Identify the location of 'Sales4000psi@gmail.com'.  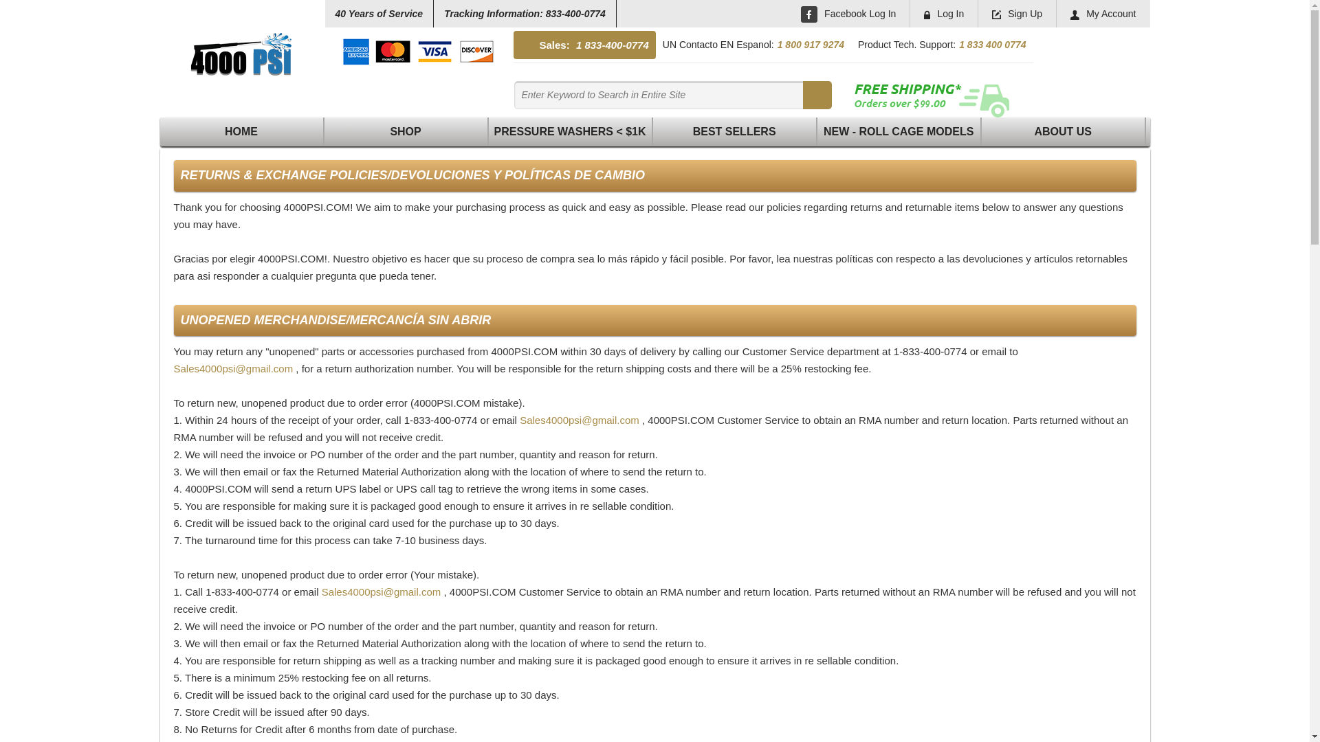
(382, 591).